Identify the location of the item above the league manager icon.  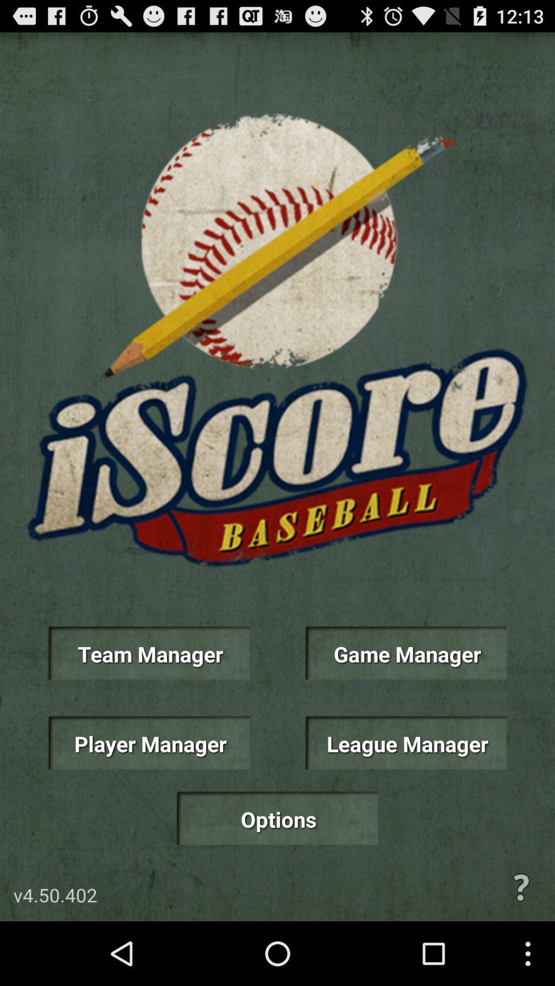
(405, 653).